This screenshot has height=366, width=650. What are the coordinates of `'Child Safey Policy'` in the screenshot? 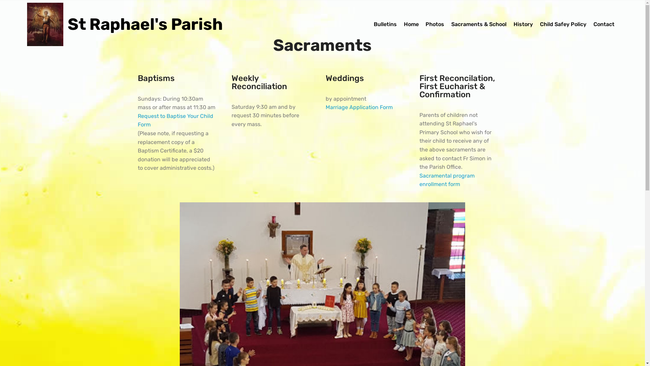 It's located at (563, 24).